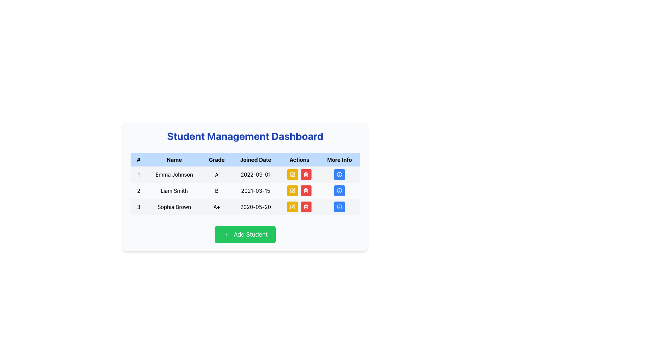  I want to click on the yellow button with rounded corners and a white pen icon located in the second row of the table under the 'Actions' column, so click(293, 191).